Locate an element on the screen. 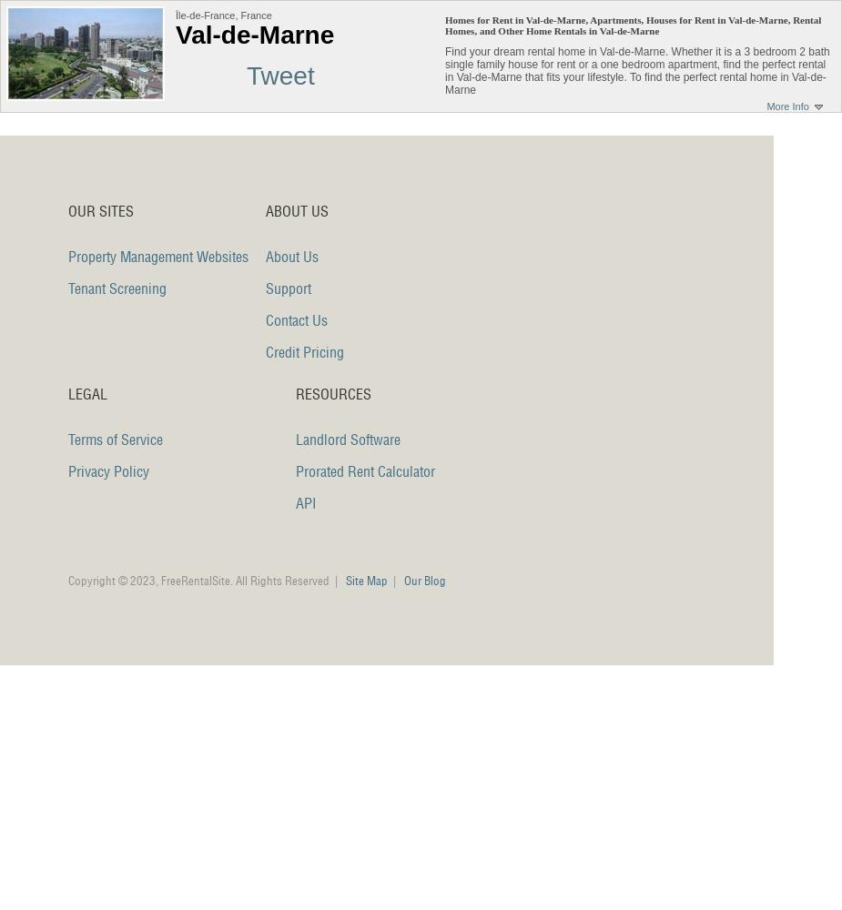 This screenshot has width=842, height=910. 'Copyright © 2023, FreeRentalSite.  All Rights Reserved  |' is located at coordinates (206, 581).